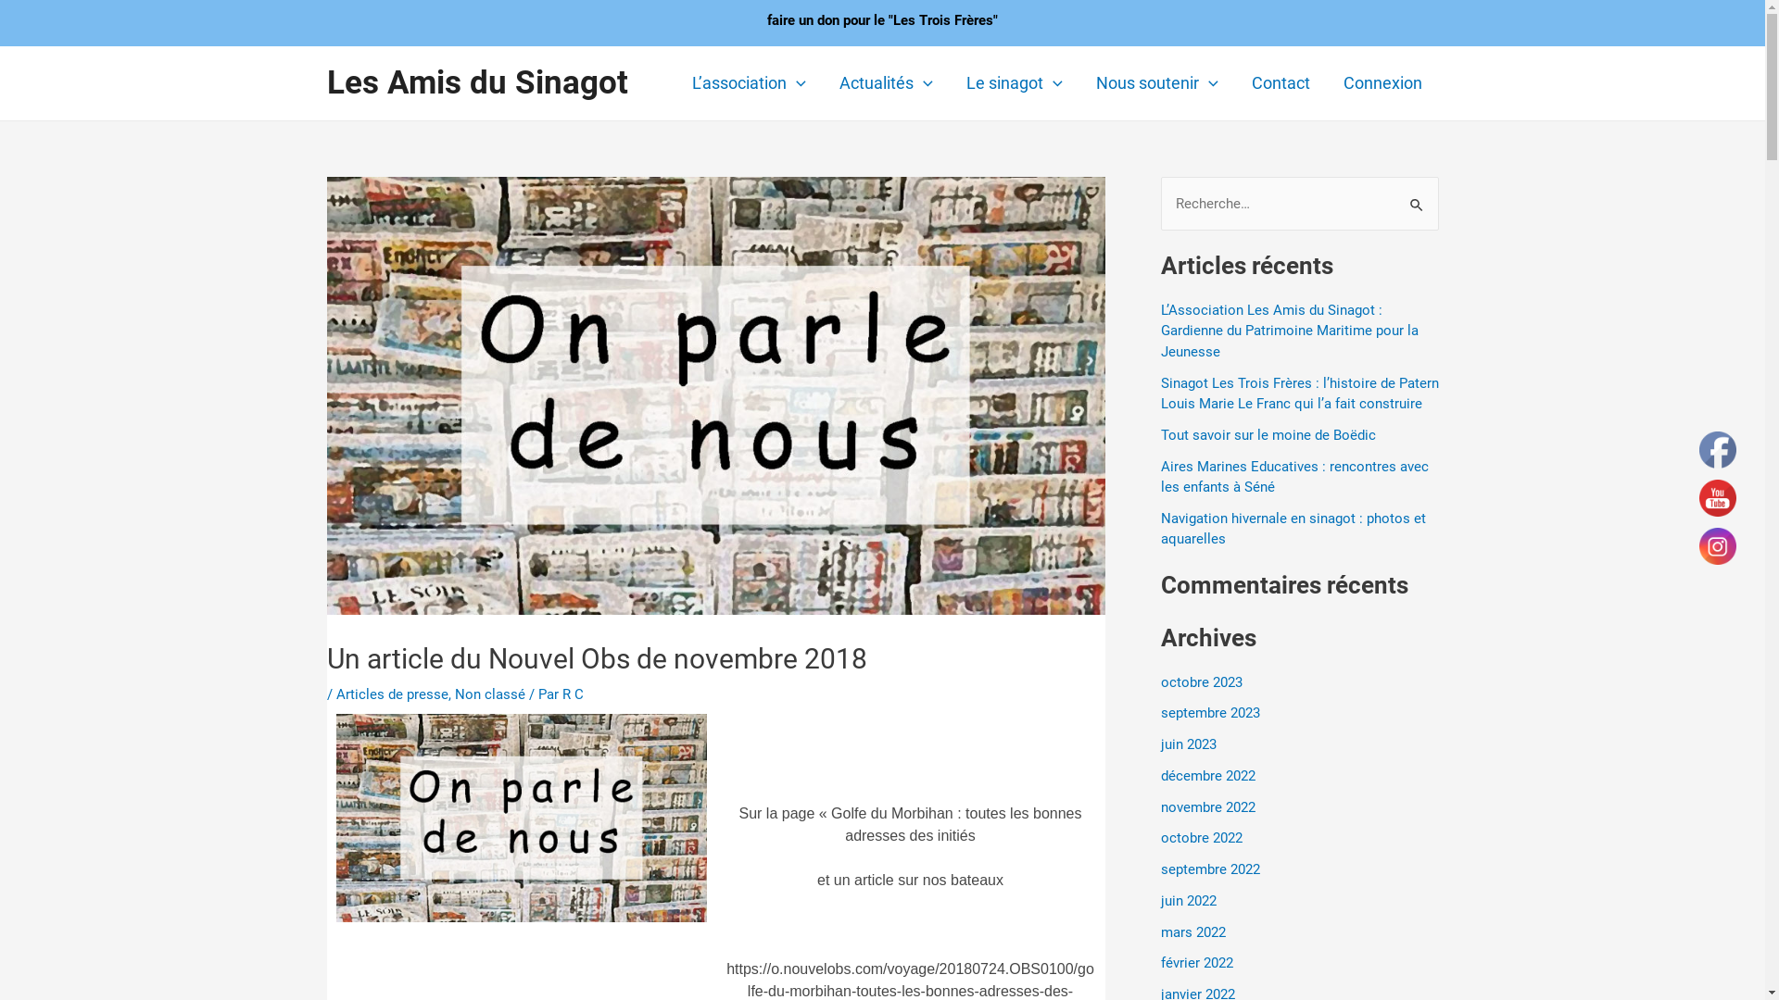  Describe the element at coordinates (1698, 450) in the screenshot. I see `'Facebook'` at that location.